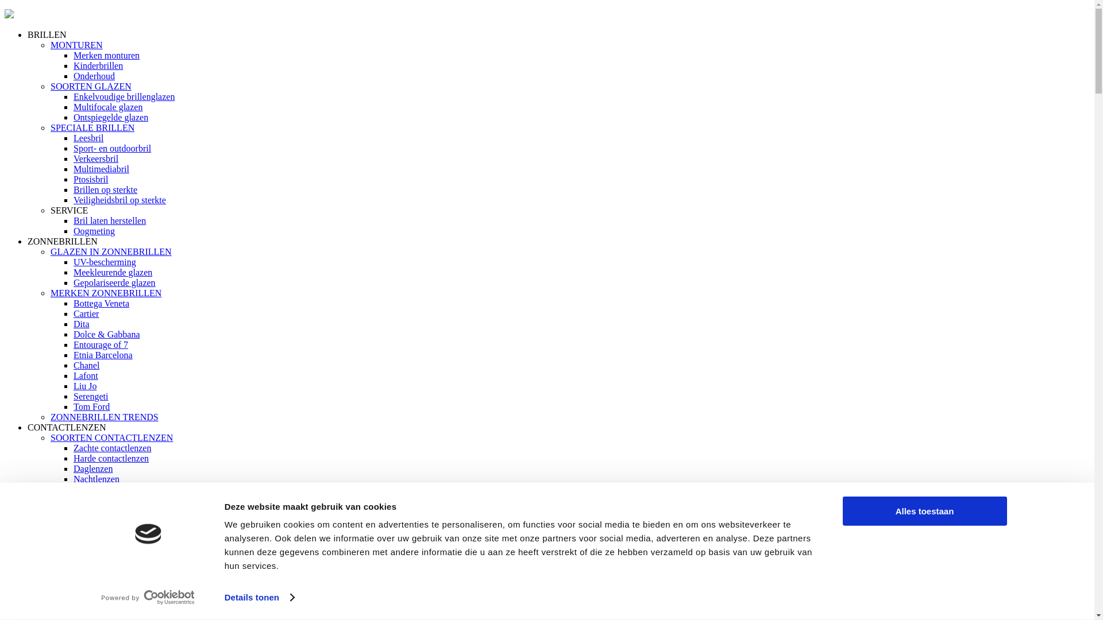 The width and height of the screenshot is (1103, 620). What do you see at coordinates (73, 499) in the screenshot?
I see `'Twee weeklenzen'` at bounding box center [73, 499].